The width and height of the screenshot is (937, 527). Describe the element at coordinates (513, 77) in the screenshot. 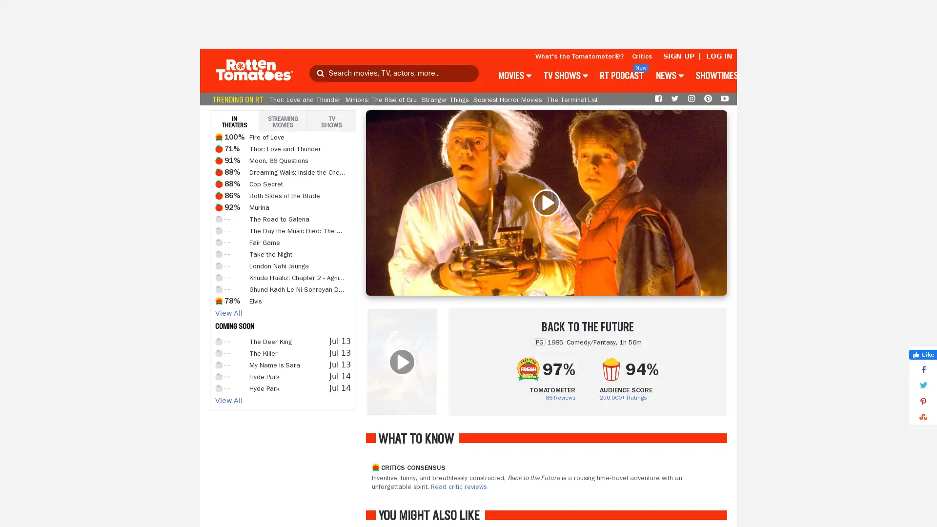

I see `MOVIES` at that location.